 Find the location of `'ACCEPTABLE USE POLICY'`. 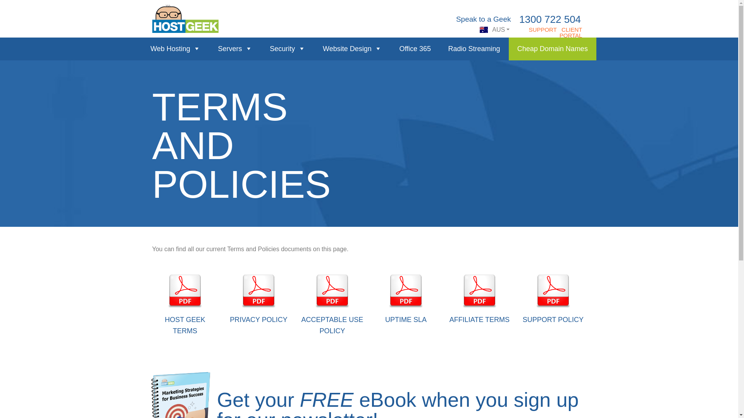

'ACCEPTABLE USE POLICY' is located at coordinates (301, 325).